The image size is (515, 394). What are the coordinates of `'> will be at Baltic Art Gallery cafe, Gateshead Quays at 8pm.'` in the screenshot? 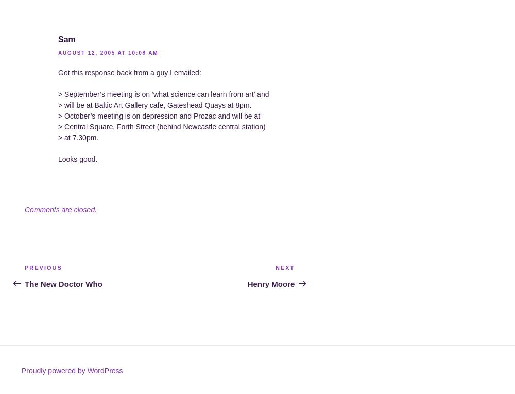 It's located at (154, 104).